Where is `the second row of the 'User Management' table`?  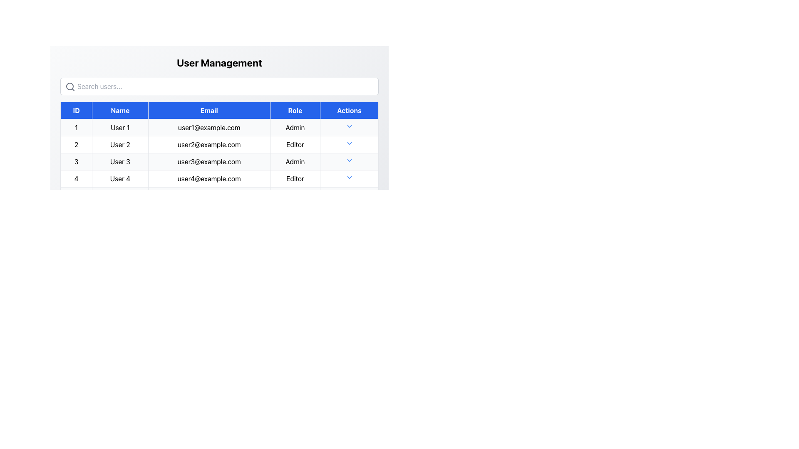 the second row of the 'User Management' table is located at coordinates (219, 144).